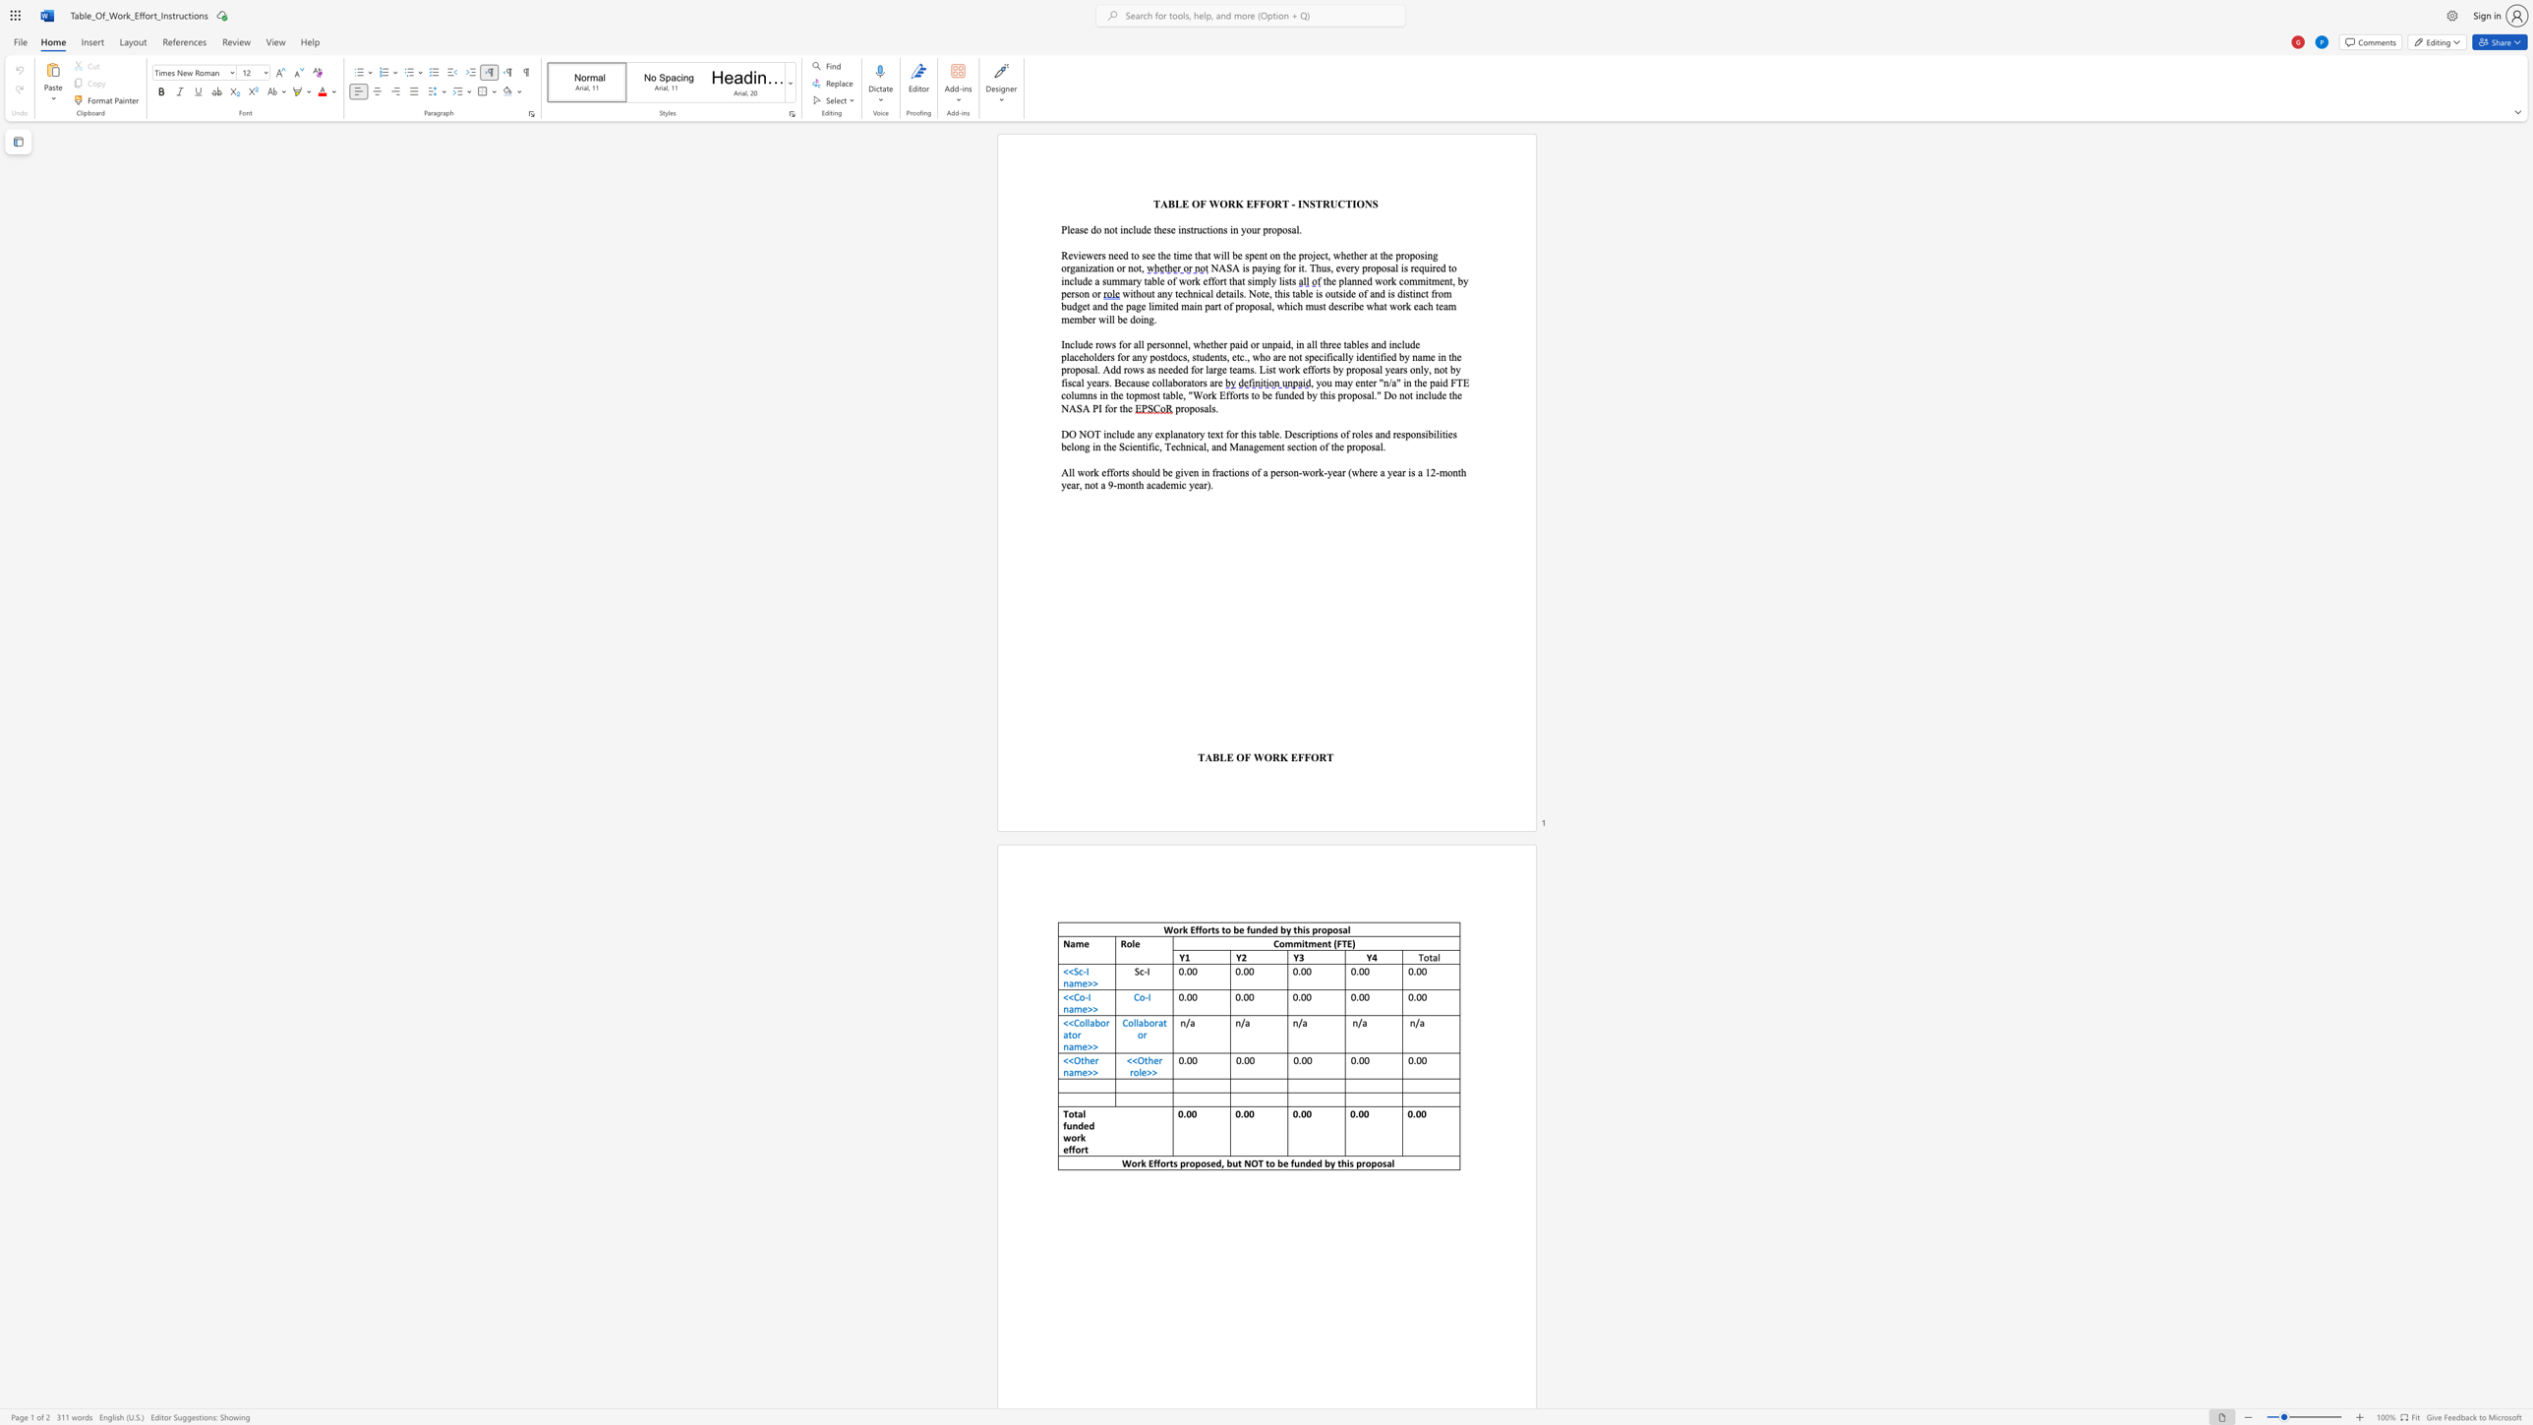 The height and width of the screenshot is (1425, 2533). I want to click on the space between the continuous character "s" and "i" in the text, so click(1341, 294).